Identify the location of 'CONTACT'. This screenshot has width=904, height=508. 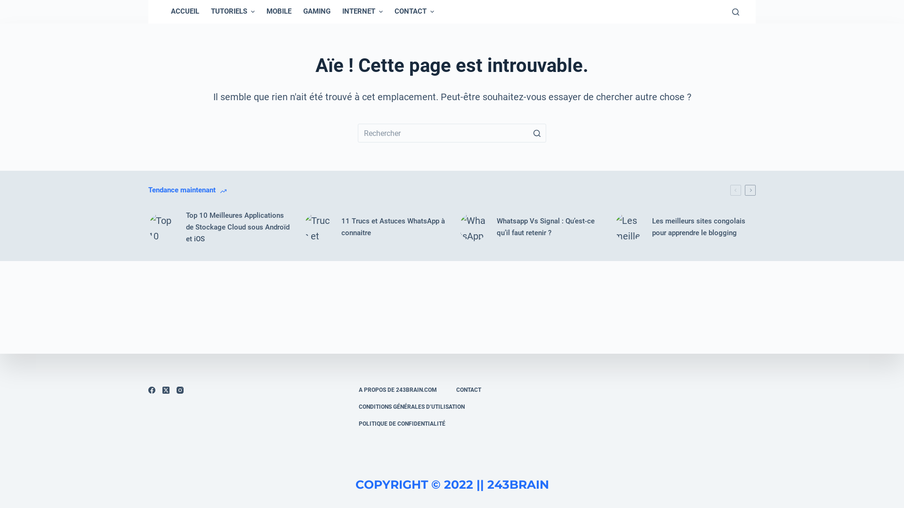
(446, 390).